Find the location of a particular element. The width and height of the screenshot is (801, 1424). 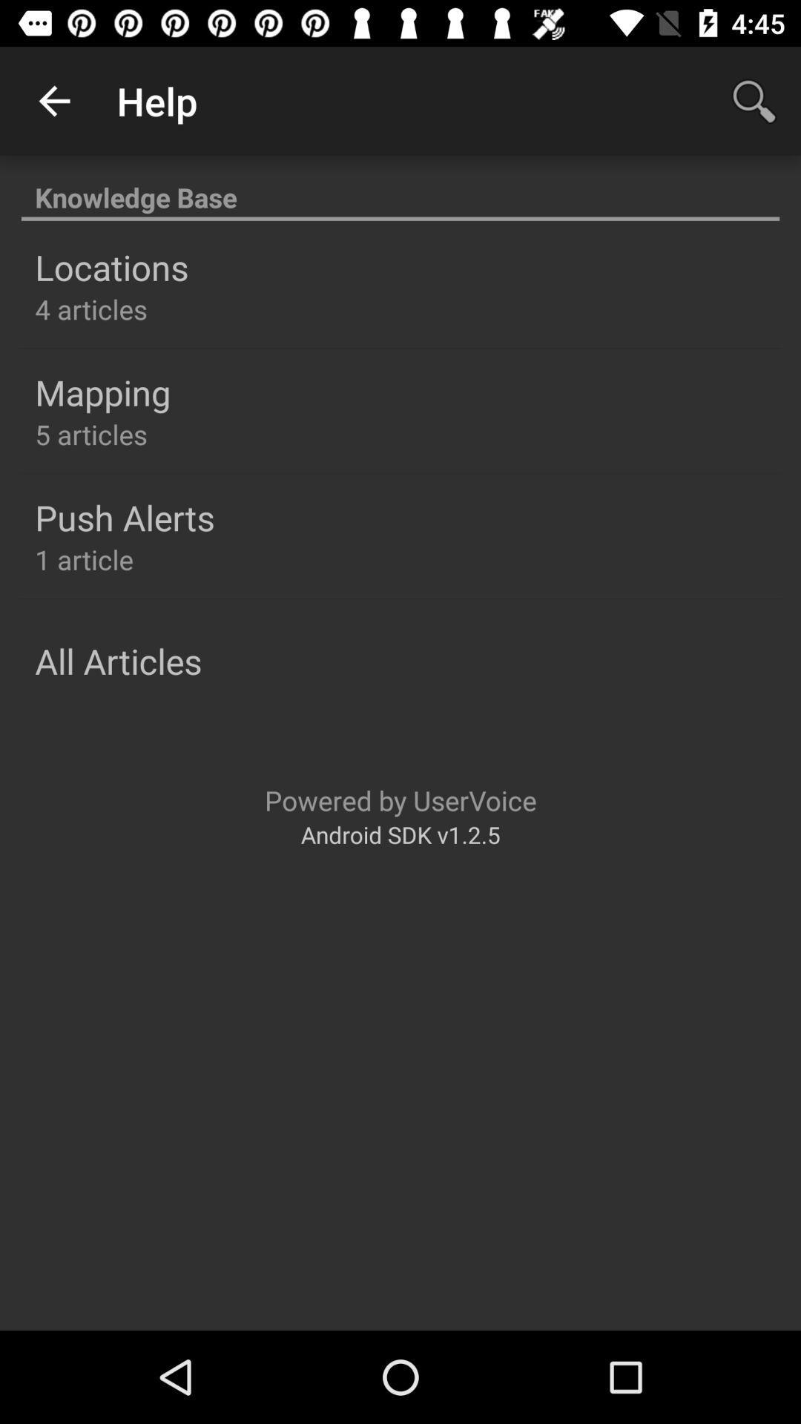

the icon below powered by uservoice icon is located at coordinates (400, 834).